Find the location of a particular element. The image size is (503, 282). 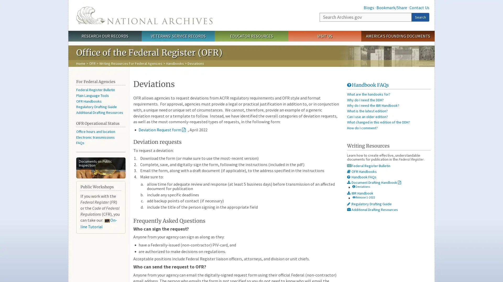

Search is located at coordinates (420, 17).